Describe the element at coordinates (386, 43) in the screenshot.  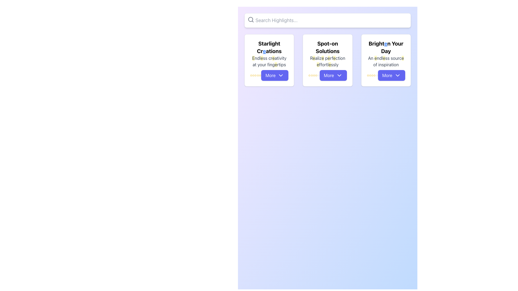
I see `the hyperlinked text styled for emphasis in the phrase 'Brighten Your Day', specifically the word 'Brighten'` at that location.